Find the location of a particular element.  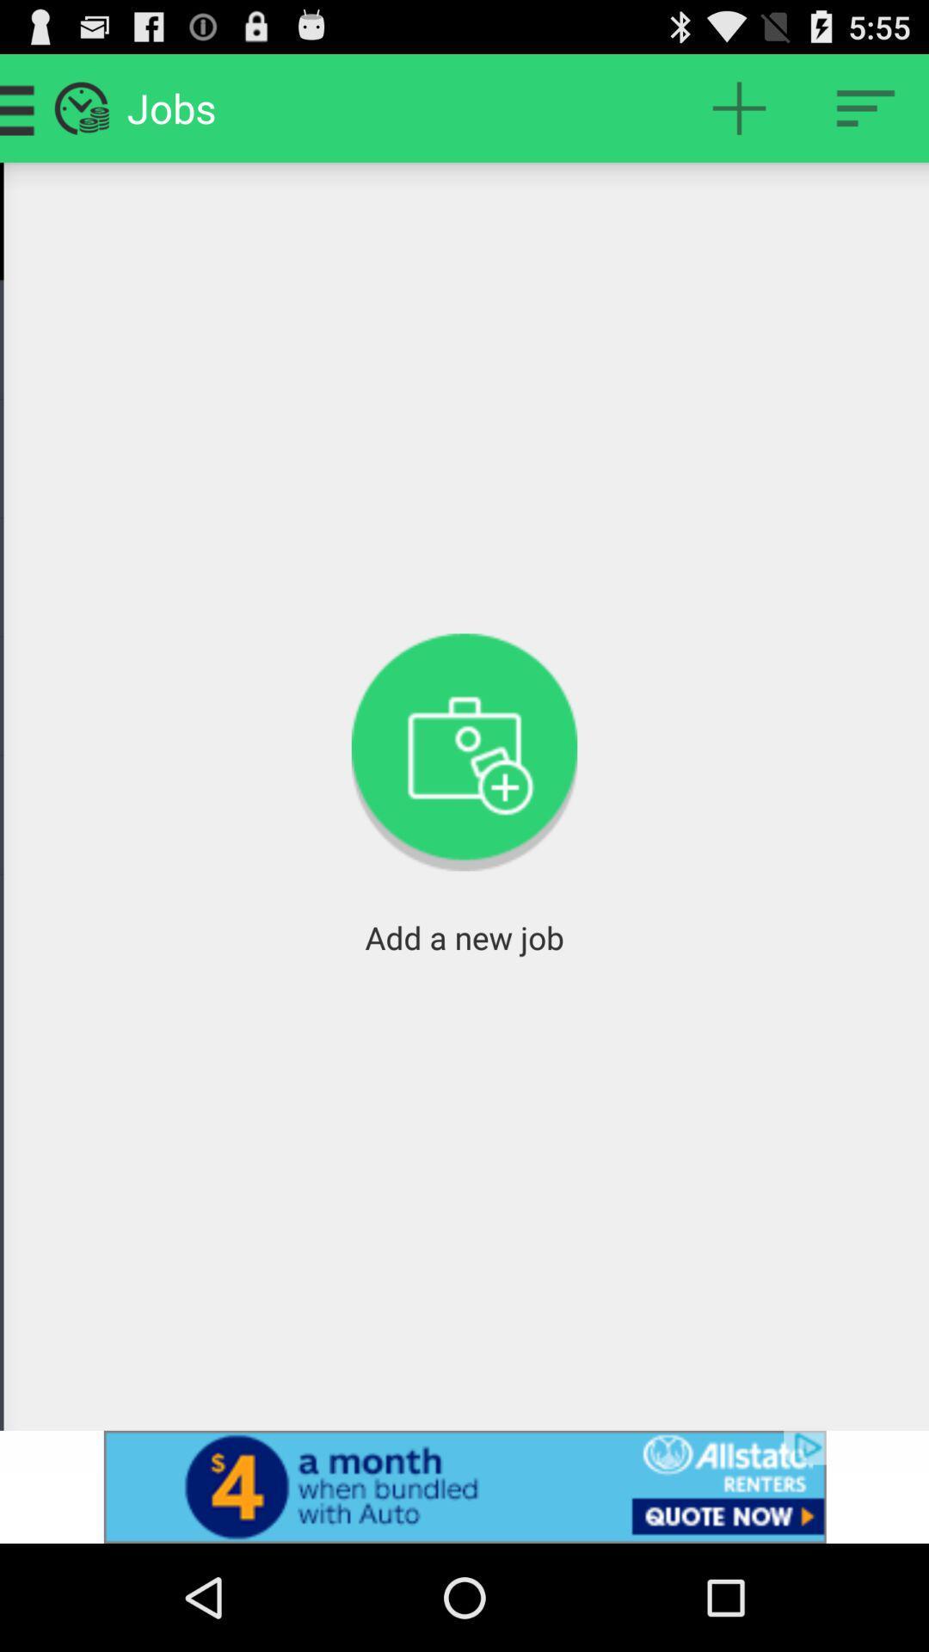

advertisement is located at coordinates (464, 1486).